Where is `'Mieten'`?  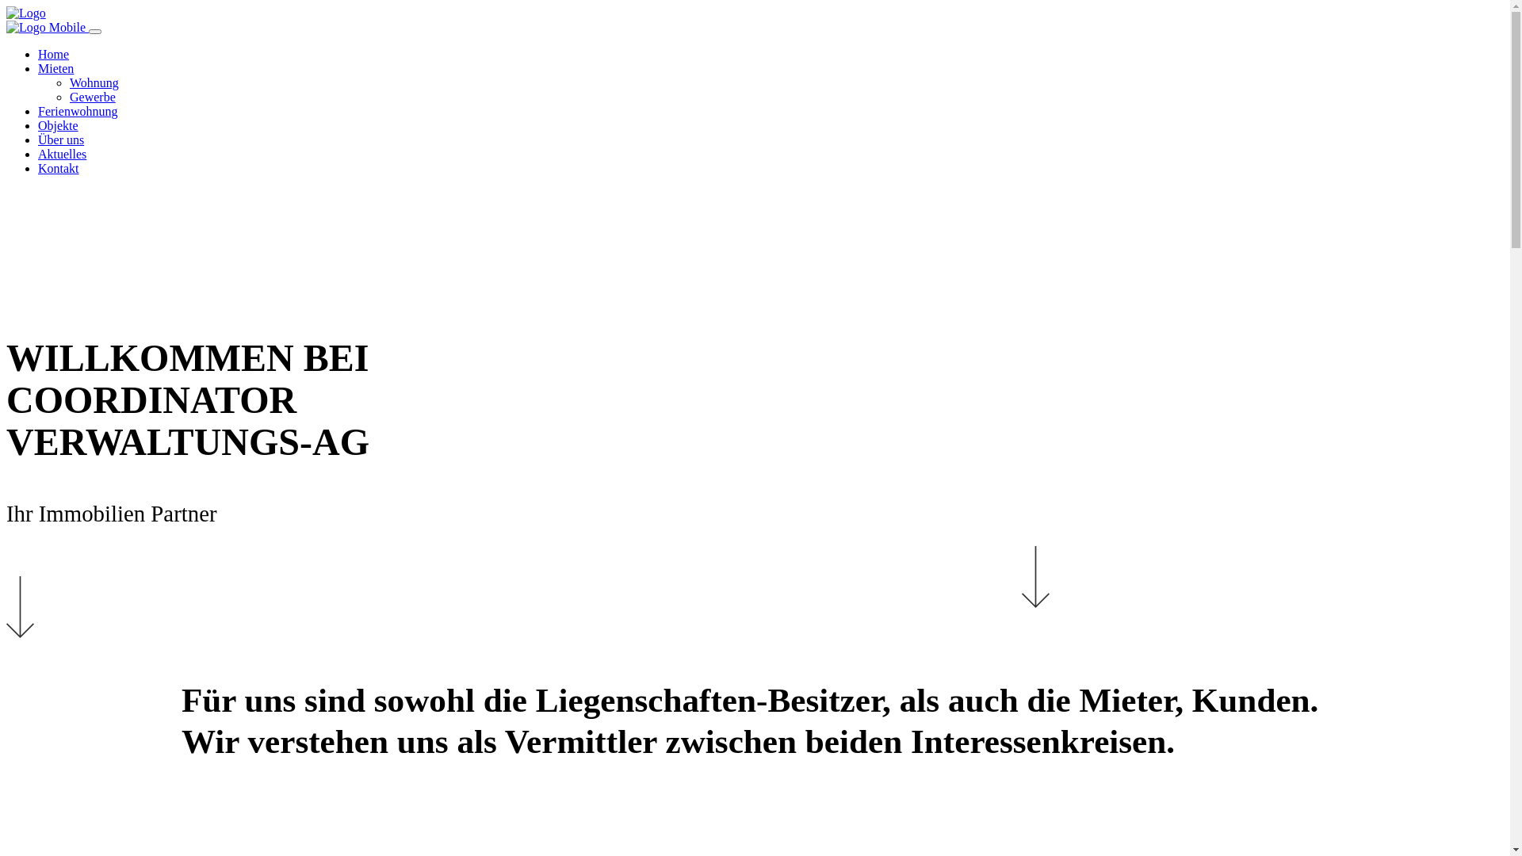
'Mieten' is located at coordinates (55, 67).